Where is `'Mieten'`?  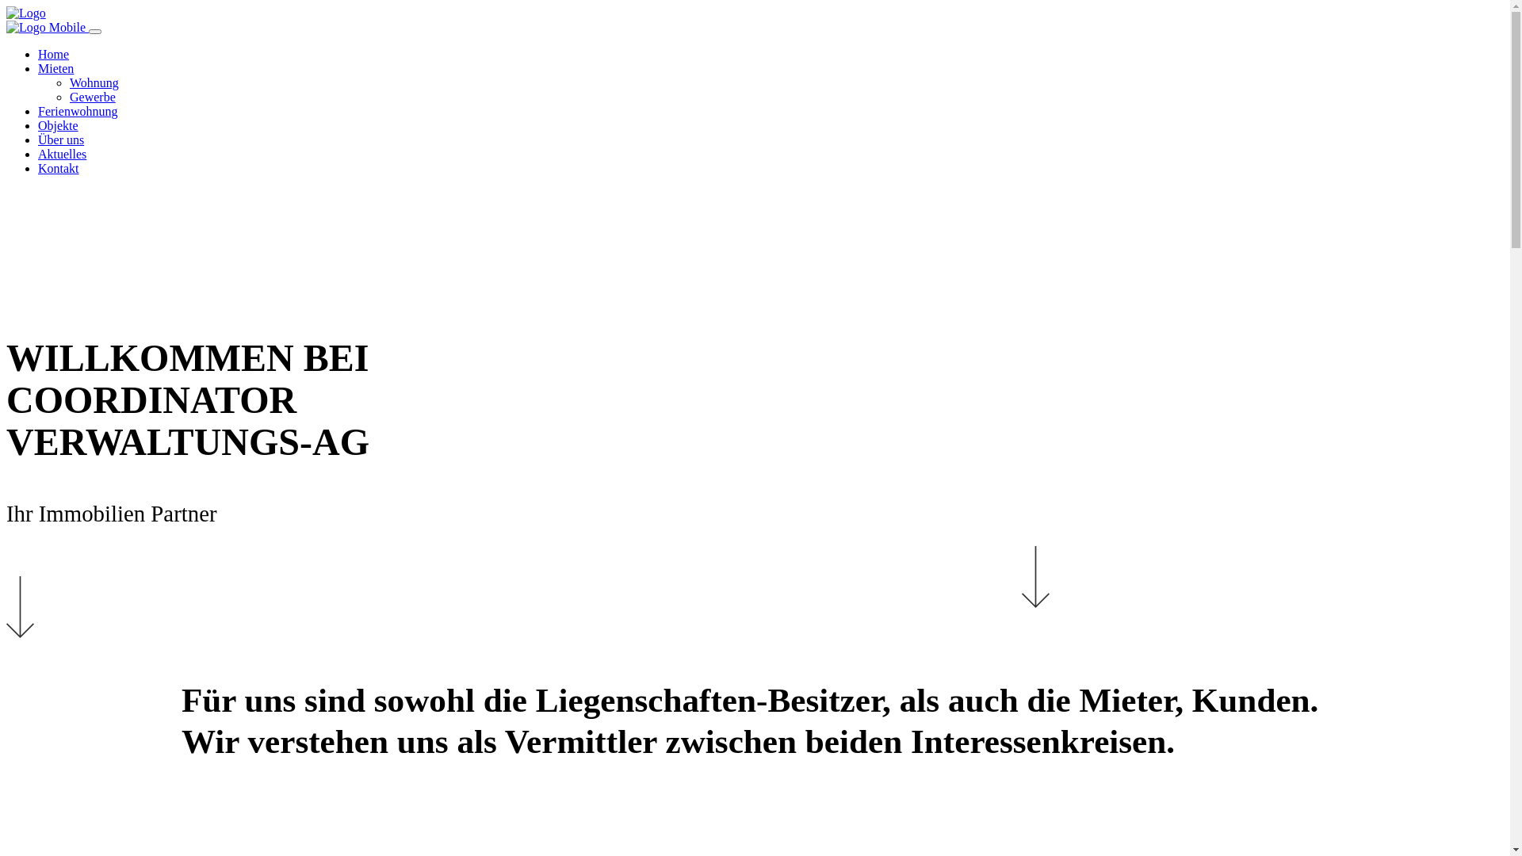
'Mieten' is located at coordinates (55, 67).